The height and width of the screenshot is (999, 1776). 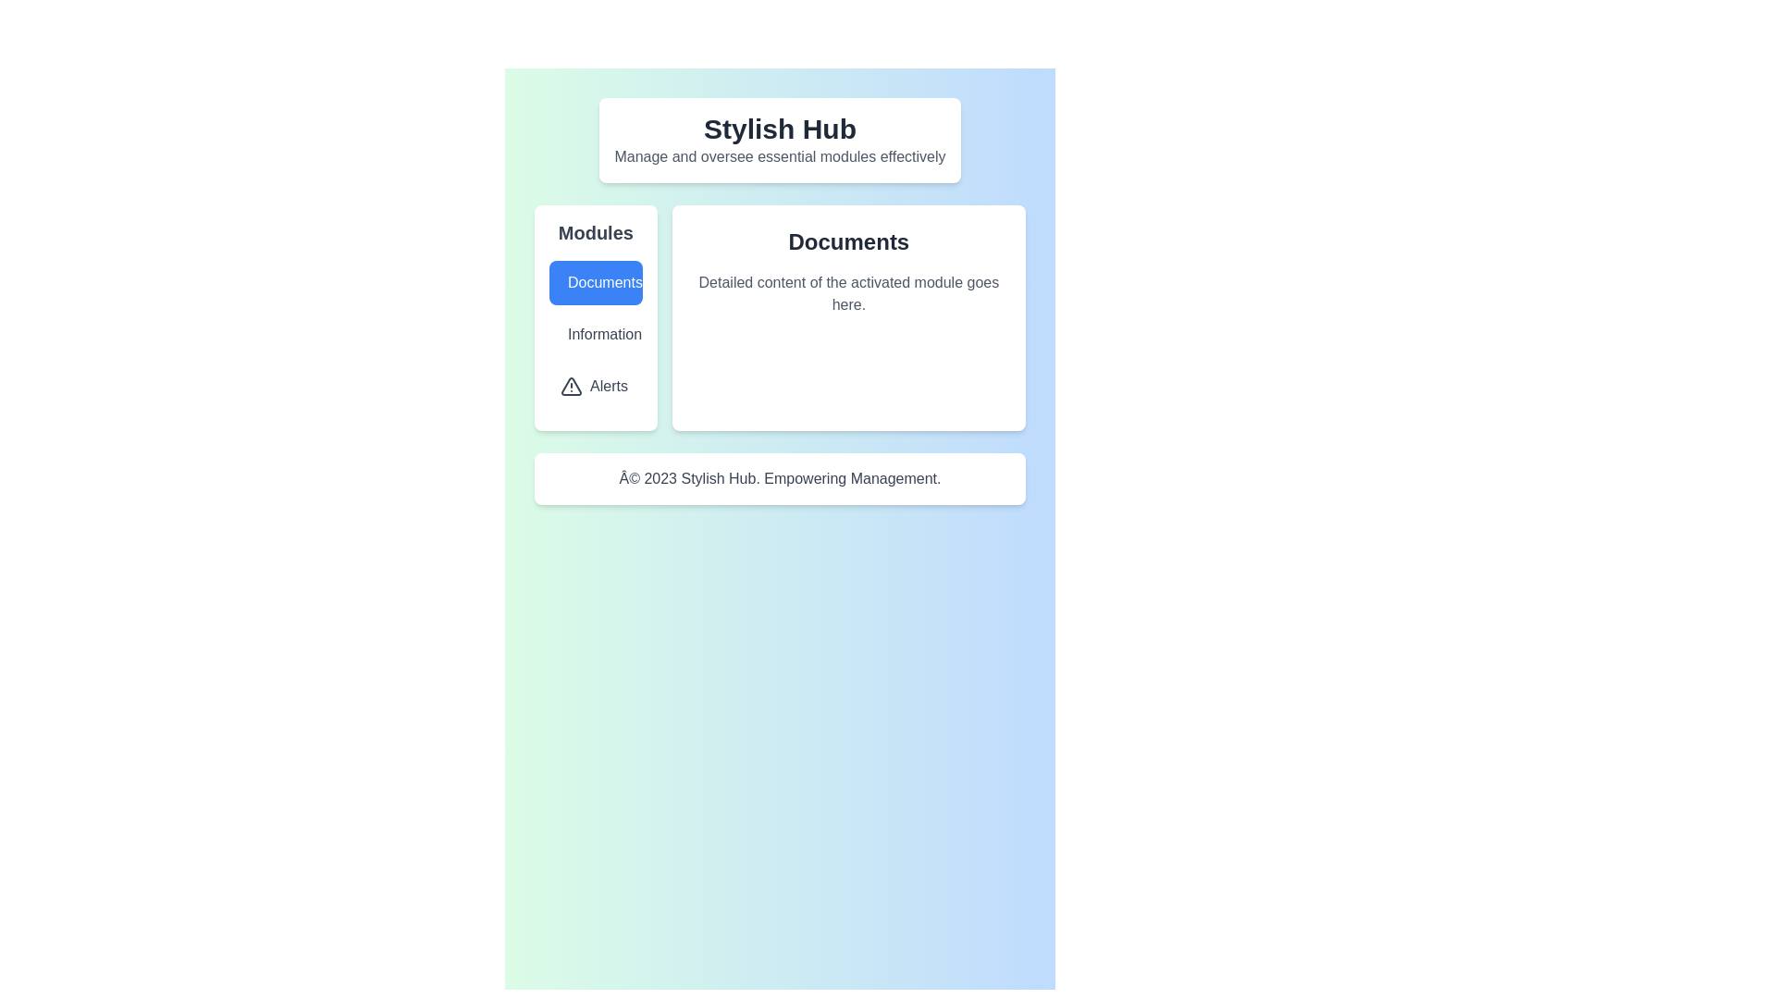 What do you see at coordinates (571, 335) in the screenshot?
I see `the SVG circle component that represents the 'Information' module, located between the 'Documents' and 'Alerts' labels in the 'Modules' list` at bounding box center [571, 335].